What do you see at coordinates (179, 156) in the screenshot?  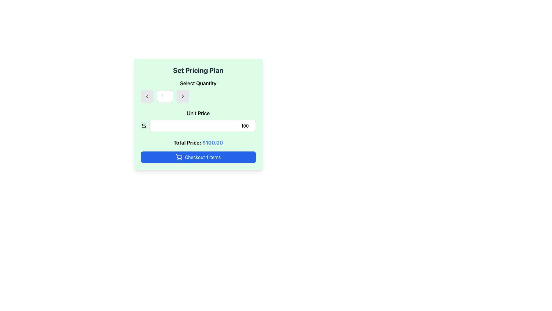 I see `the shopping cart icon, which is the primary structure of the cart located to the left of the 'Checkout 1 items' button` at bounding box center [179, 156].